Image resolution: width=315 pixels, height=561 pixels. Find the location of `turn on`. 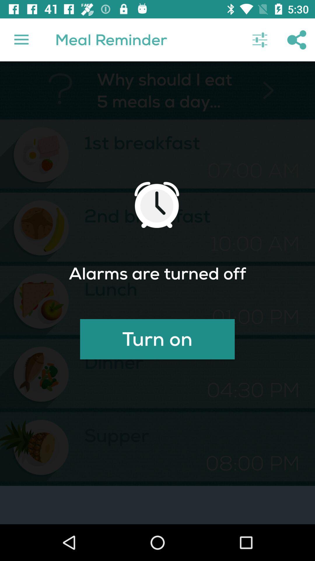

turn on is located at coordinates (157, 339).